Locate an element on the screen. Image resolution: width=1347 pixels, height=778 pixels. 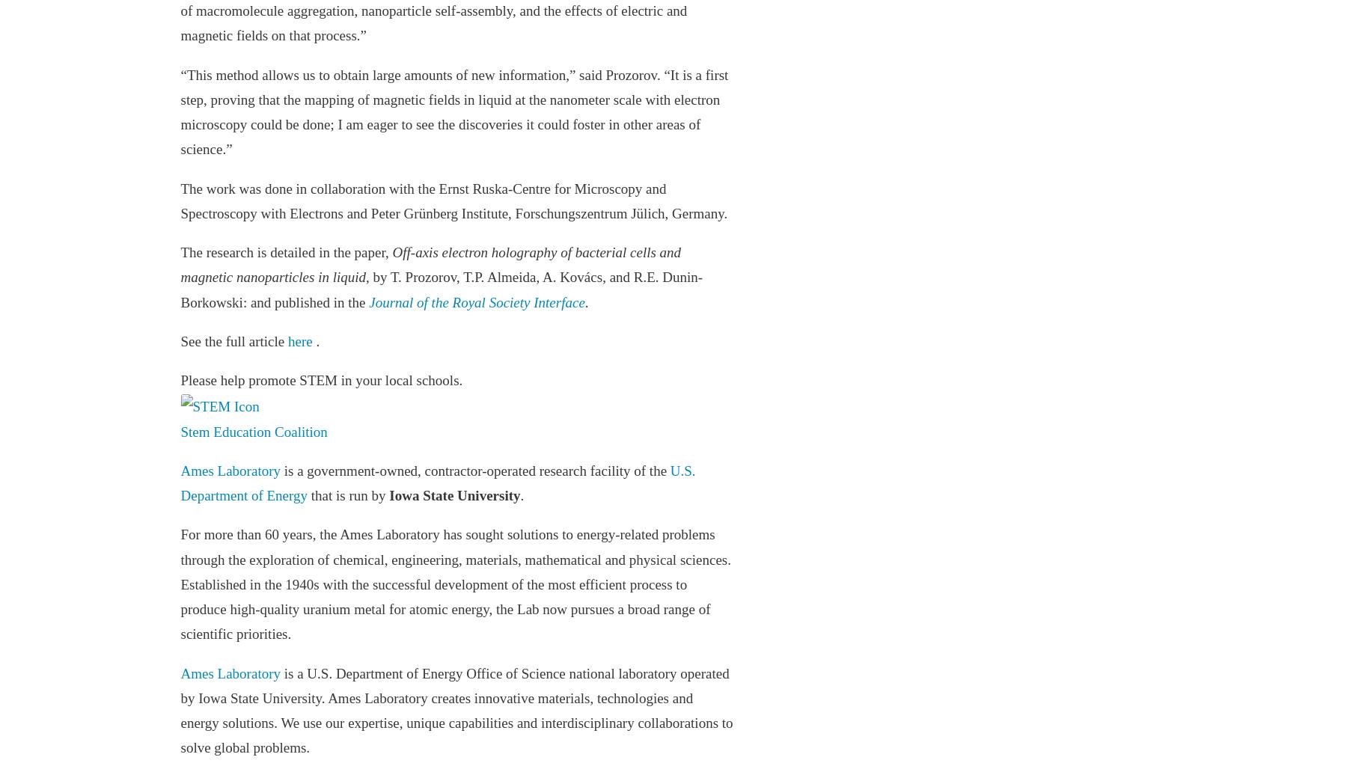
'U.S. Department of Energy' is located at coordinates (438, 482).